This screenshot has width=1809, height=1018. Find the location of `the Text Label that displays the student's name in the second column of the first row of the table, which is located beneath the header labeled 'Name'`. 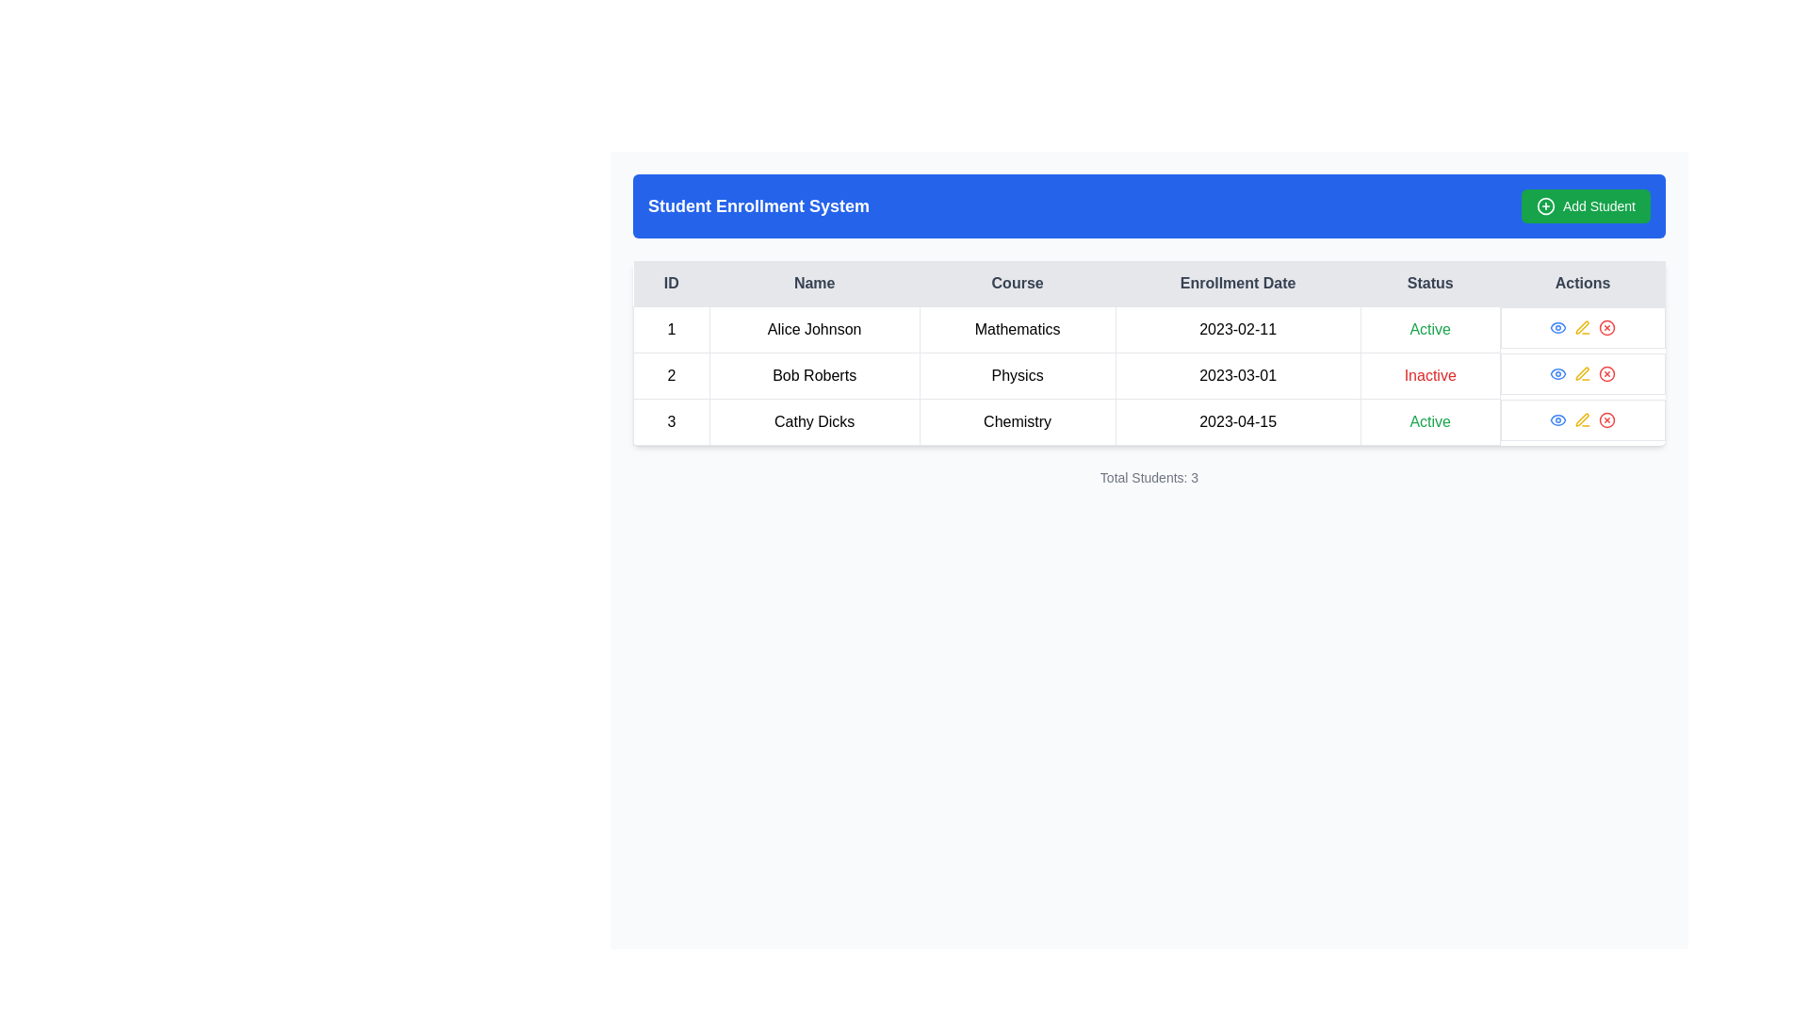

the Text Label that displays the student's name in the second column of the first row of the table, which is located beneath the header labeled 'Name' is located at coordinates (814, 329).